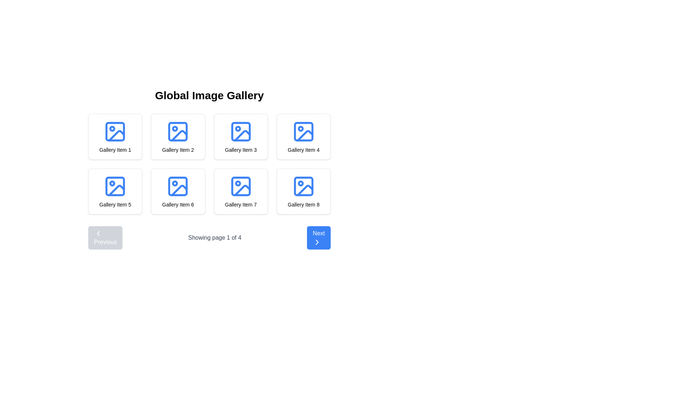 This screenshot has height=394, width=700. What do you see at coordinates (303, 186) in the screenshot?
I see `the SVG Icon representing 'Gallery Item 8', which is centrally located at the top of the card and serves as a visual indicator for the gallery item` at bounding box center [303, 186].